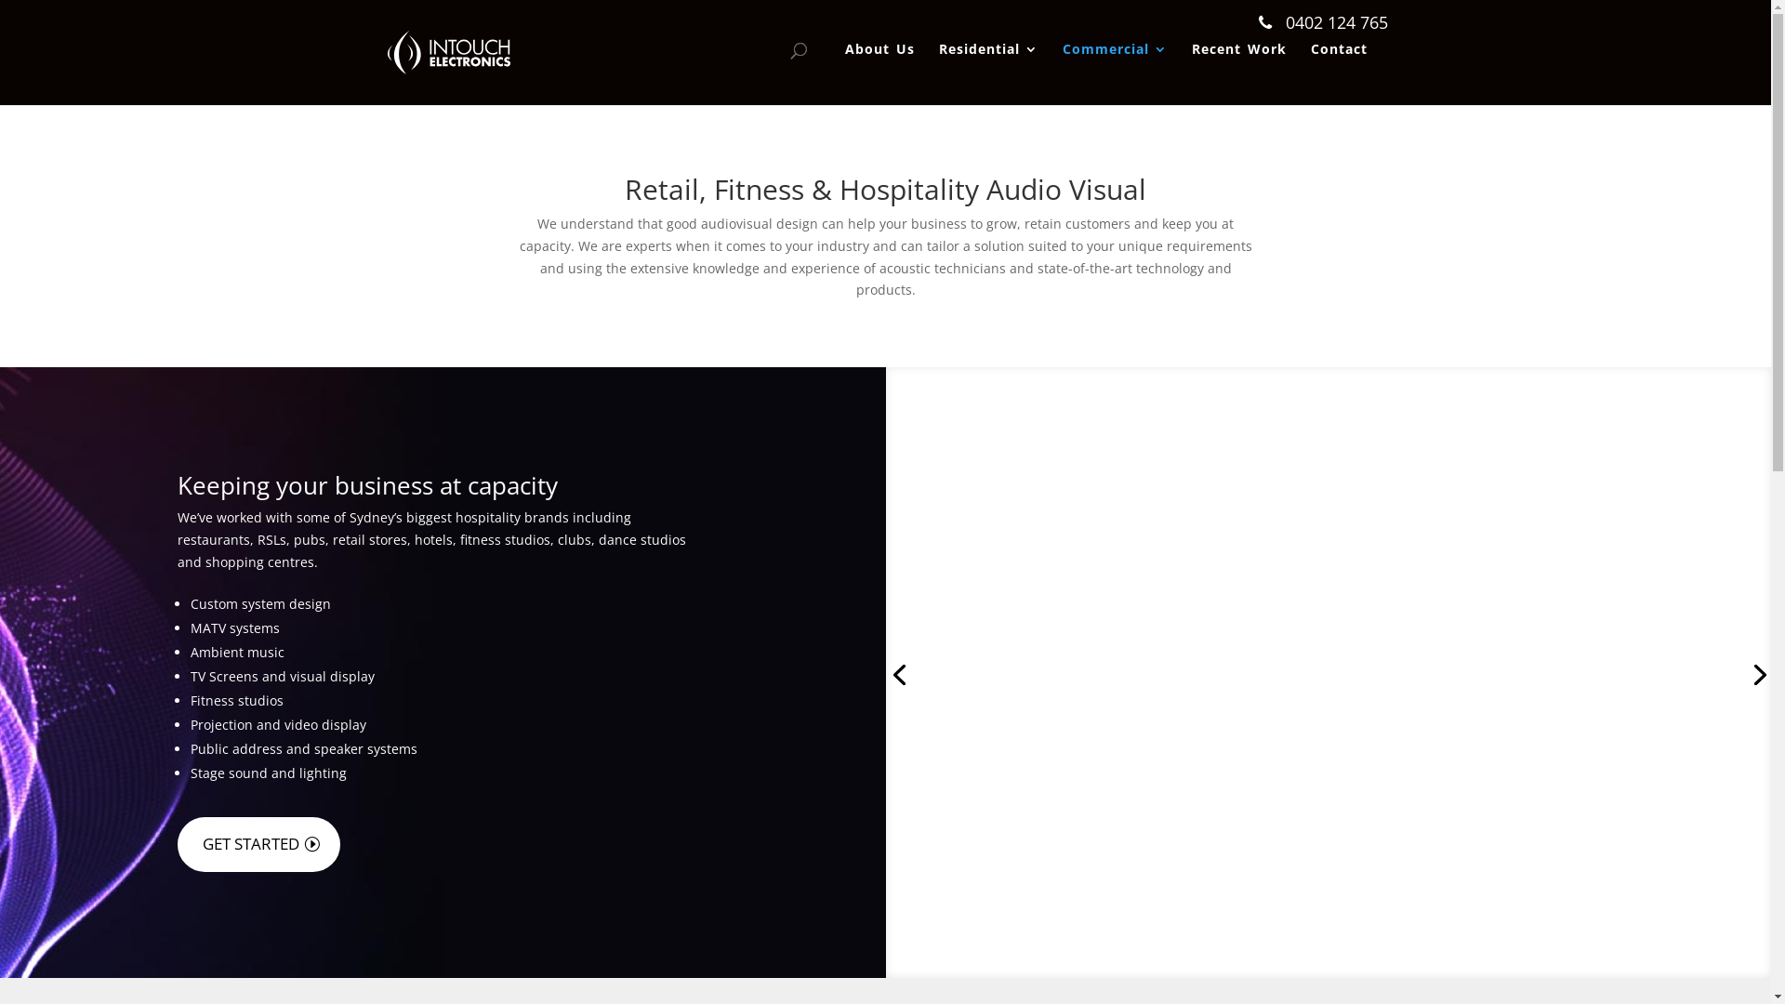 Image resolution: width=1785 pixels, height=1004 pixels. I want to click on '0402 124 765', so click(1258, 22).